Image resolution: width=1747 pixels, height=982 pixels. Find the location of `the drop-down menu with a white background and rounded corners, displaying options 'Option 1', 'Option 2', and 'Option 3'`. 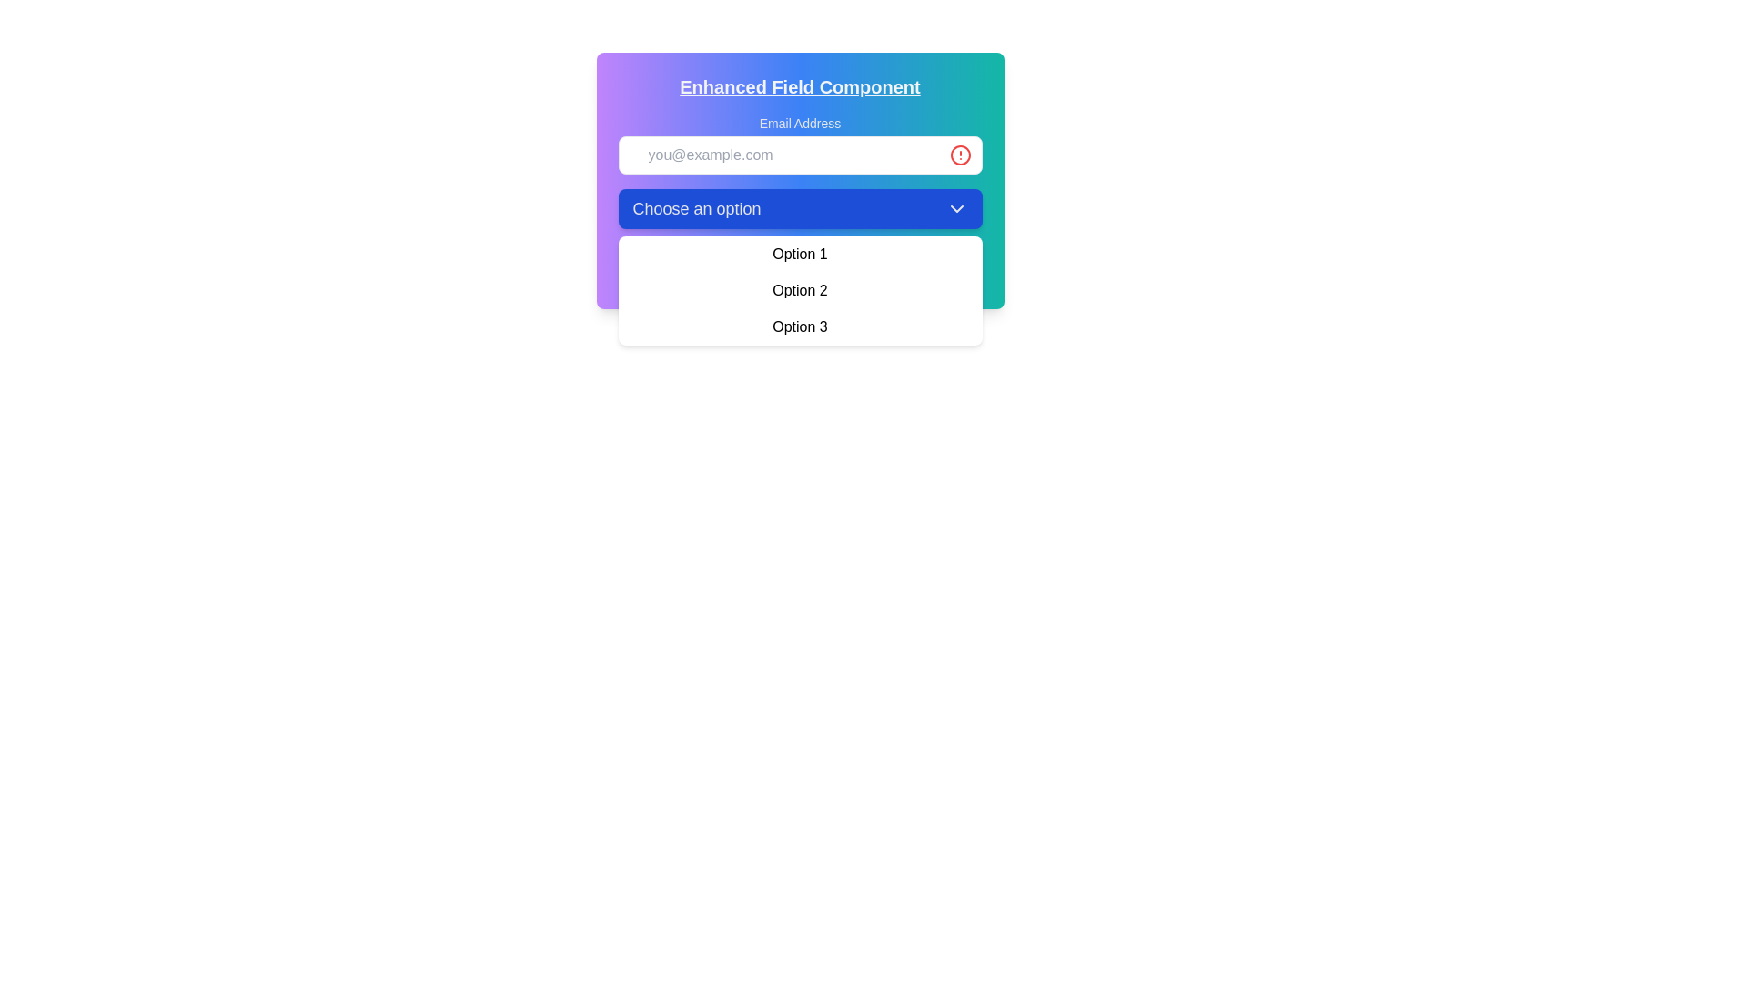

the drop-down menu with a white background and rounded corners, displaying options 'Option 1', 'Option 2', and 'Option 3' is located at coordinates (800, 290).